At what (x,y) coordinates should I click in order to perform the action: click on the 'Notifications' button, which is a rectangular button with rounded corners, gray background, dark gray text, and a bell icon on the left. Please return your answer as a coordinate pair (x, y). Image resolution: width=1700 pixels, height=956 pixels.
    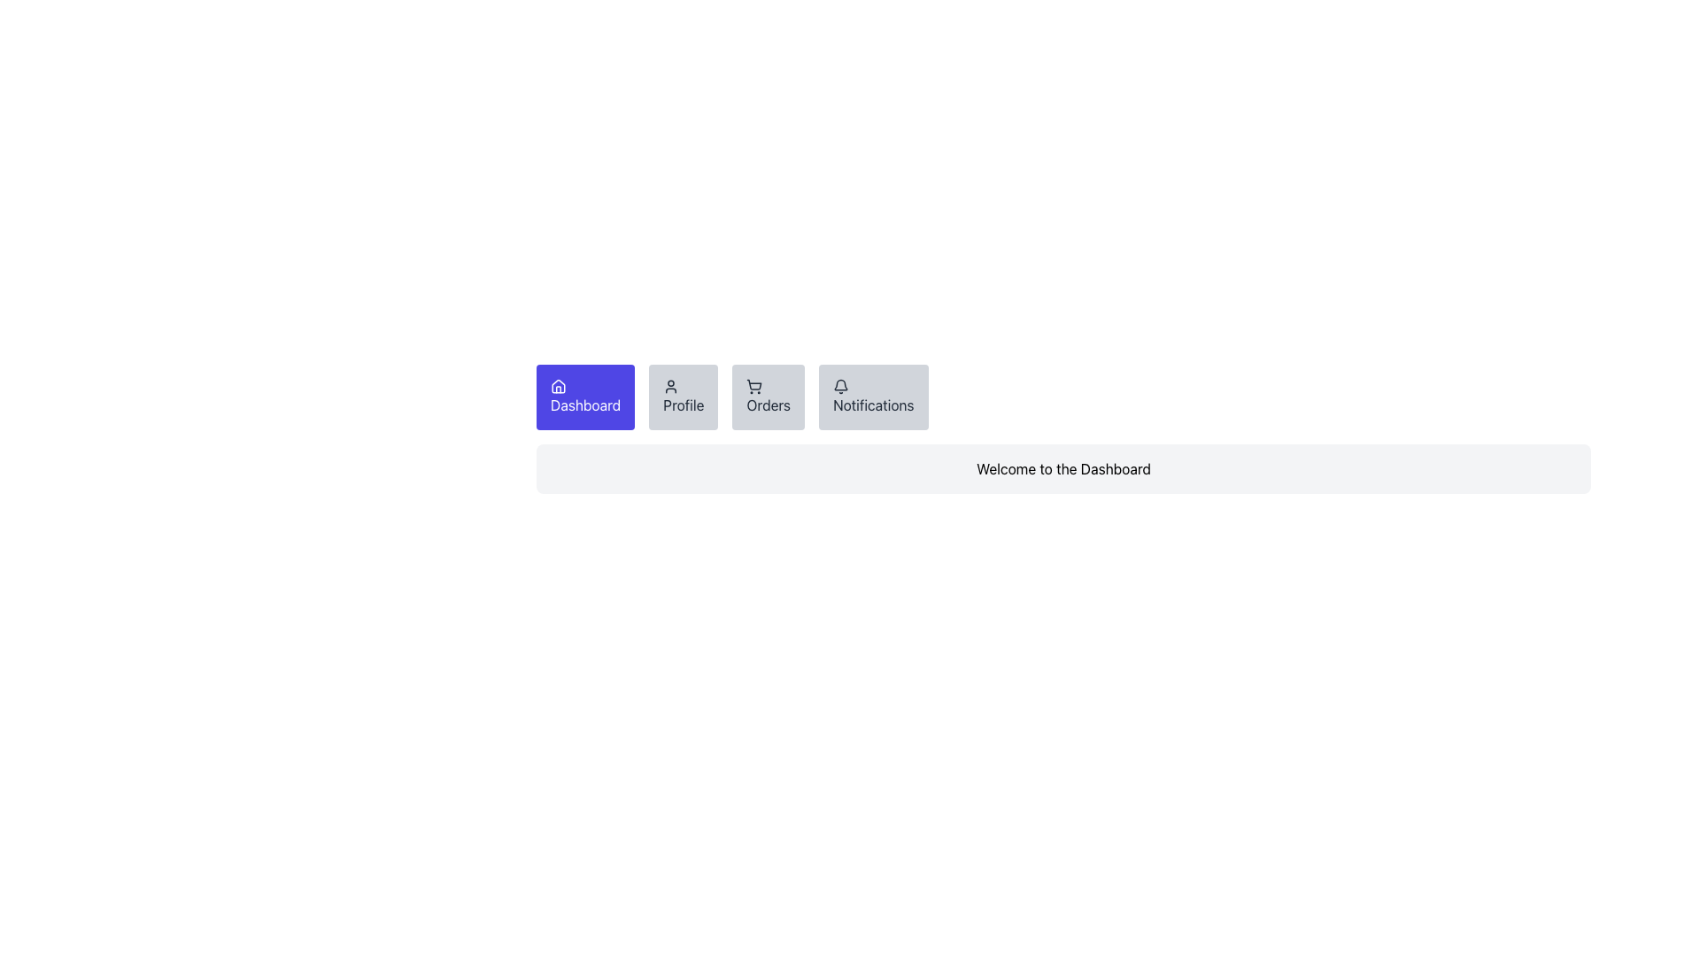
    Looking at the image, I should click on (873, 396).